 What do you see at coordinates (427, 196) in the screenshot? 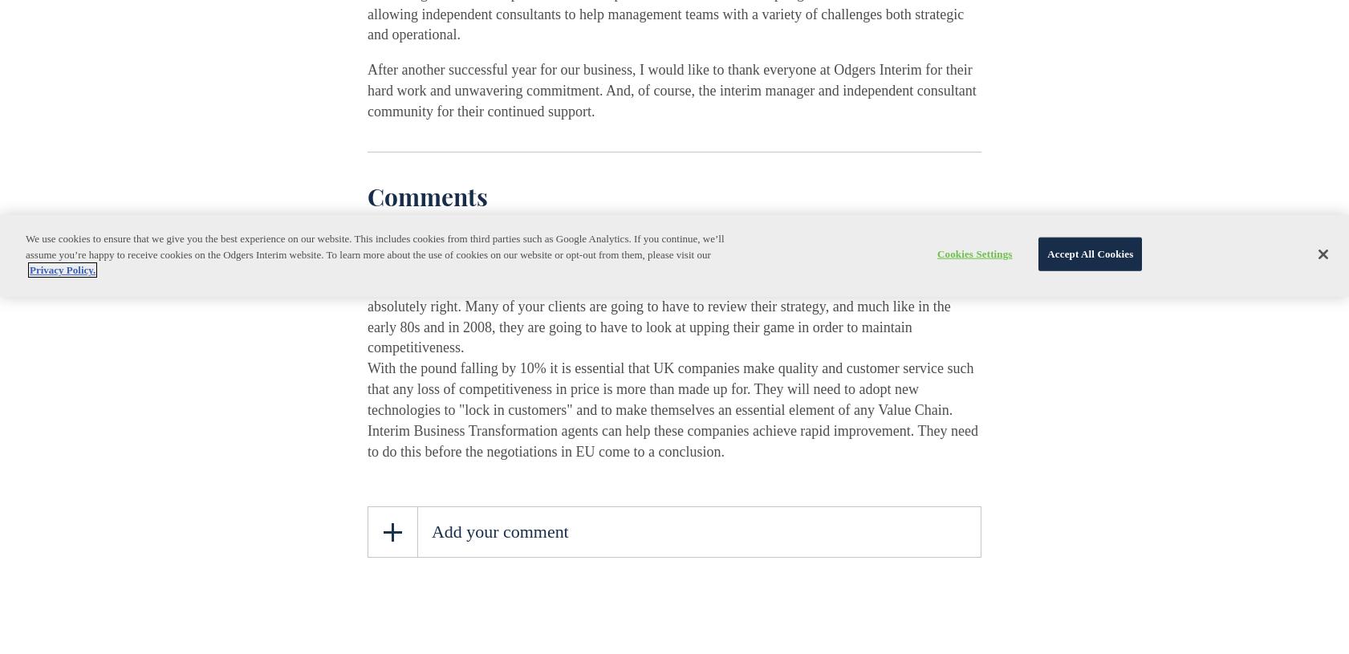
I see `'Comments'` at bounding box center [427, 196].